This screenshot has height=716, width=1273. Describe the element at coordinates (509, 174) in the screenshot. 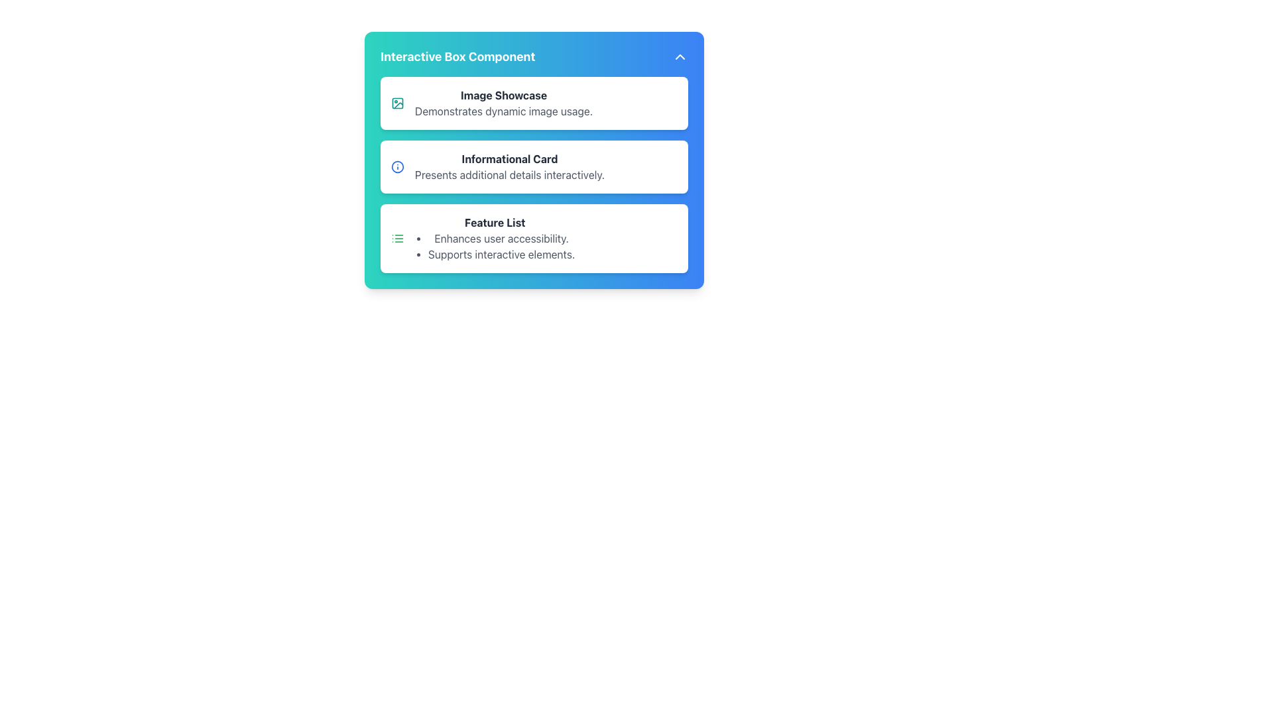

I see `the second text line of the 'Informational Card' within the 'Interactive Box Component', which provides supplemental information` at that location.